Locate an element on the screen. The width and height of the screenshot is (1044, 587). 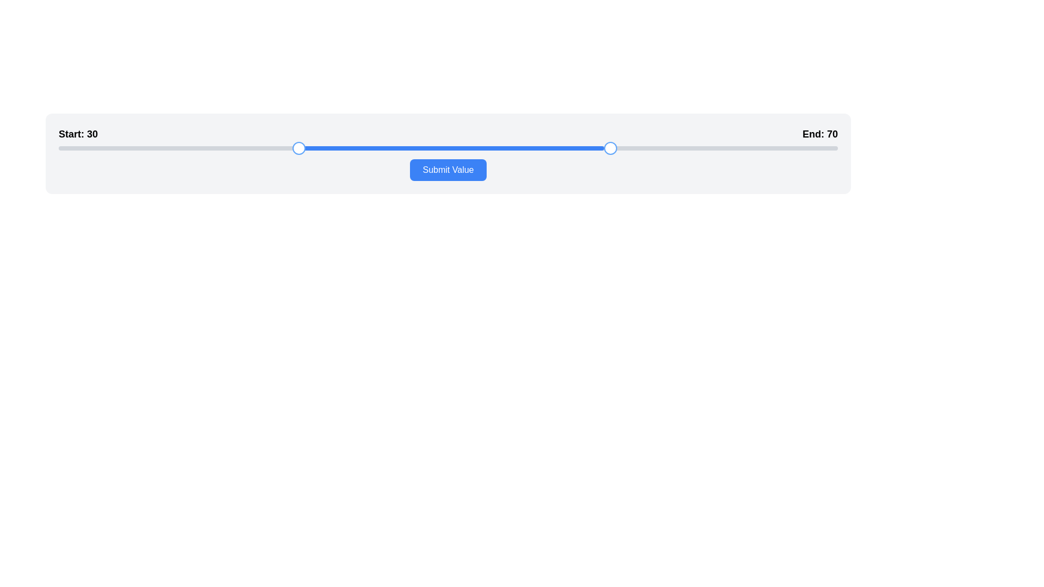
slider position is located at coordinates (367, 148).